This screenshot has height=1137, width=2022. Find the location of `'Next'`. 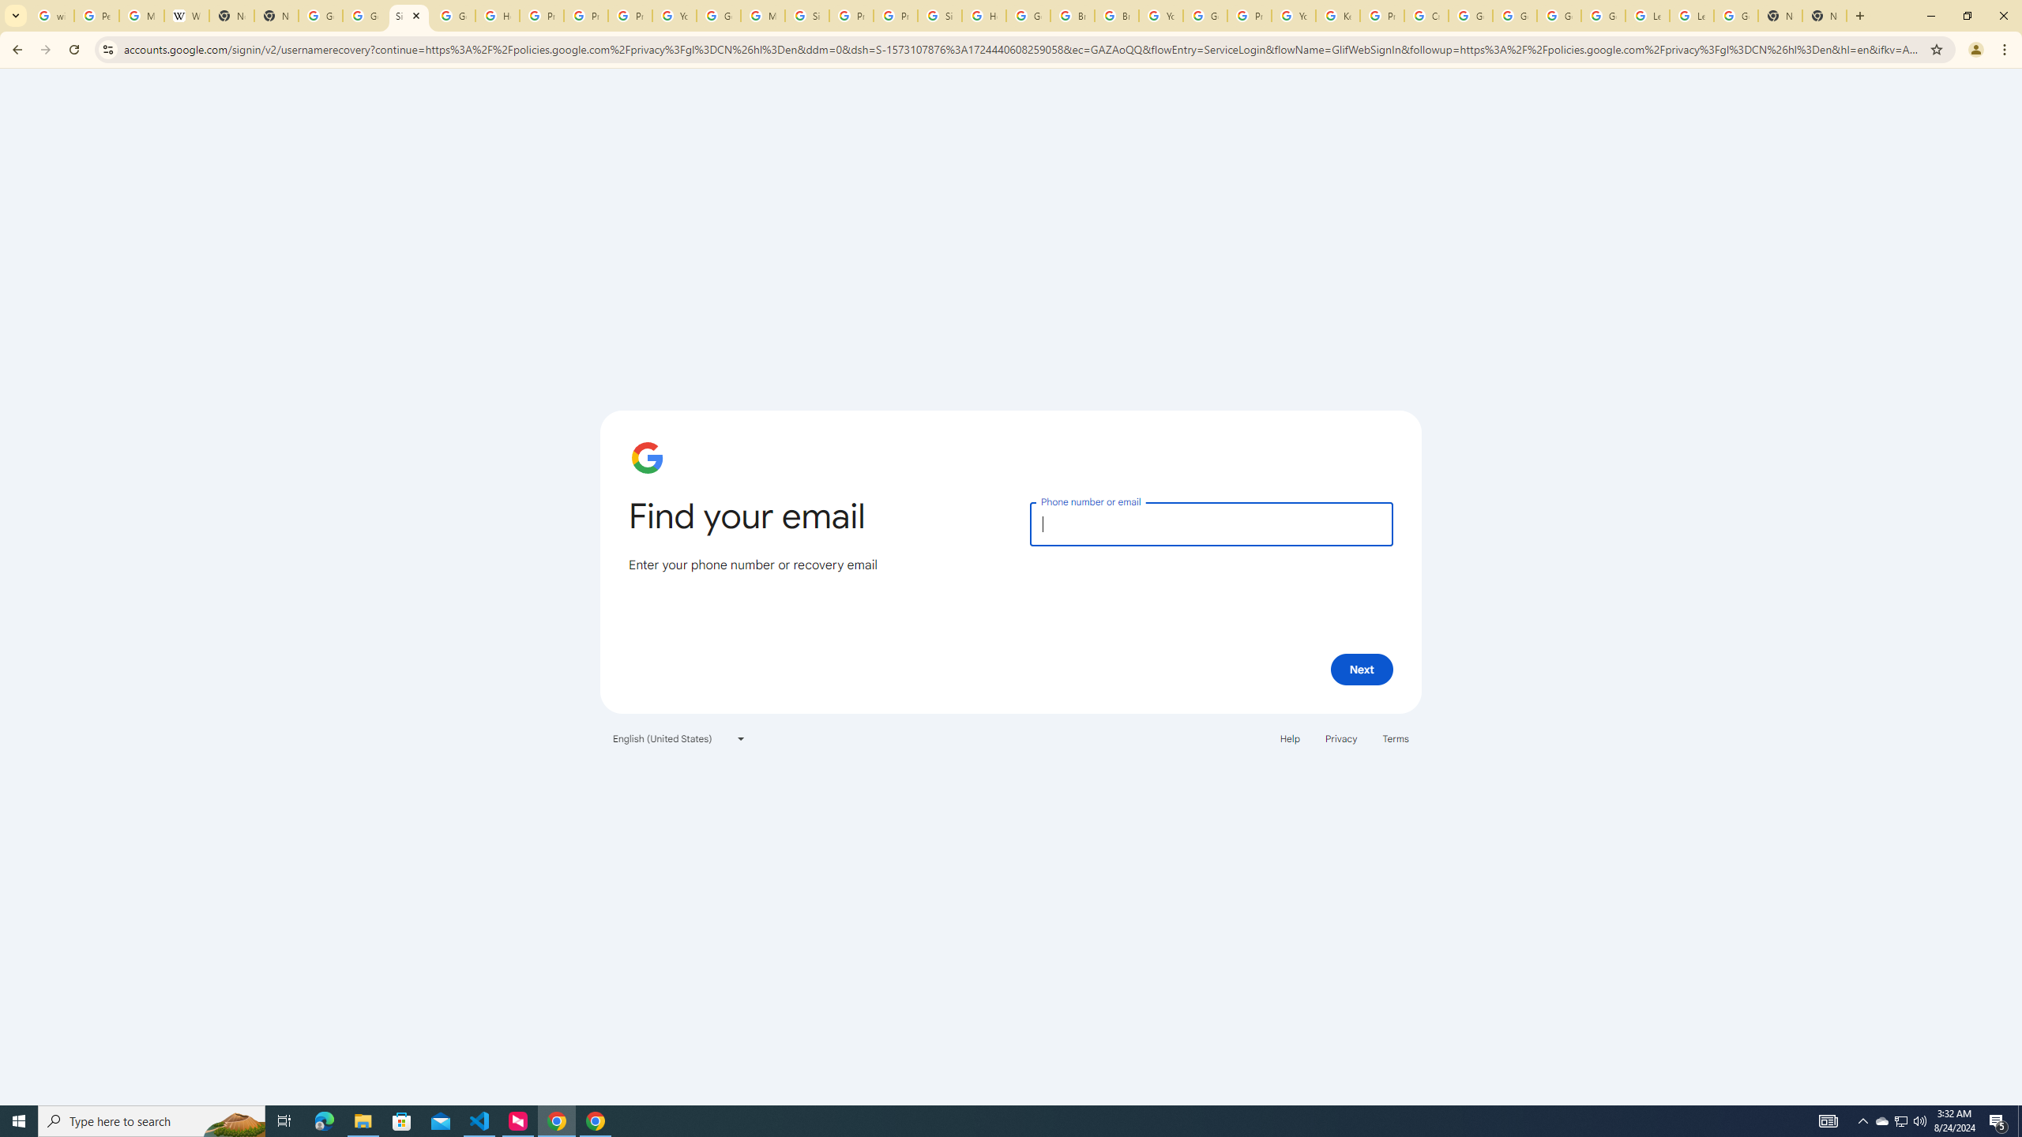

'Next' is located at coordinates (1362, 668).